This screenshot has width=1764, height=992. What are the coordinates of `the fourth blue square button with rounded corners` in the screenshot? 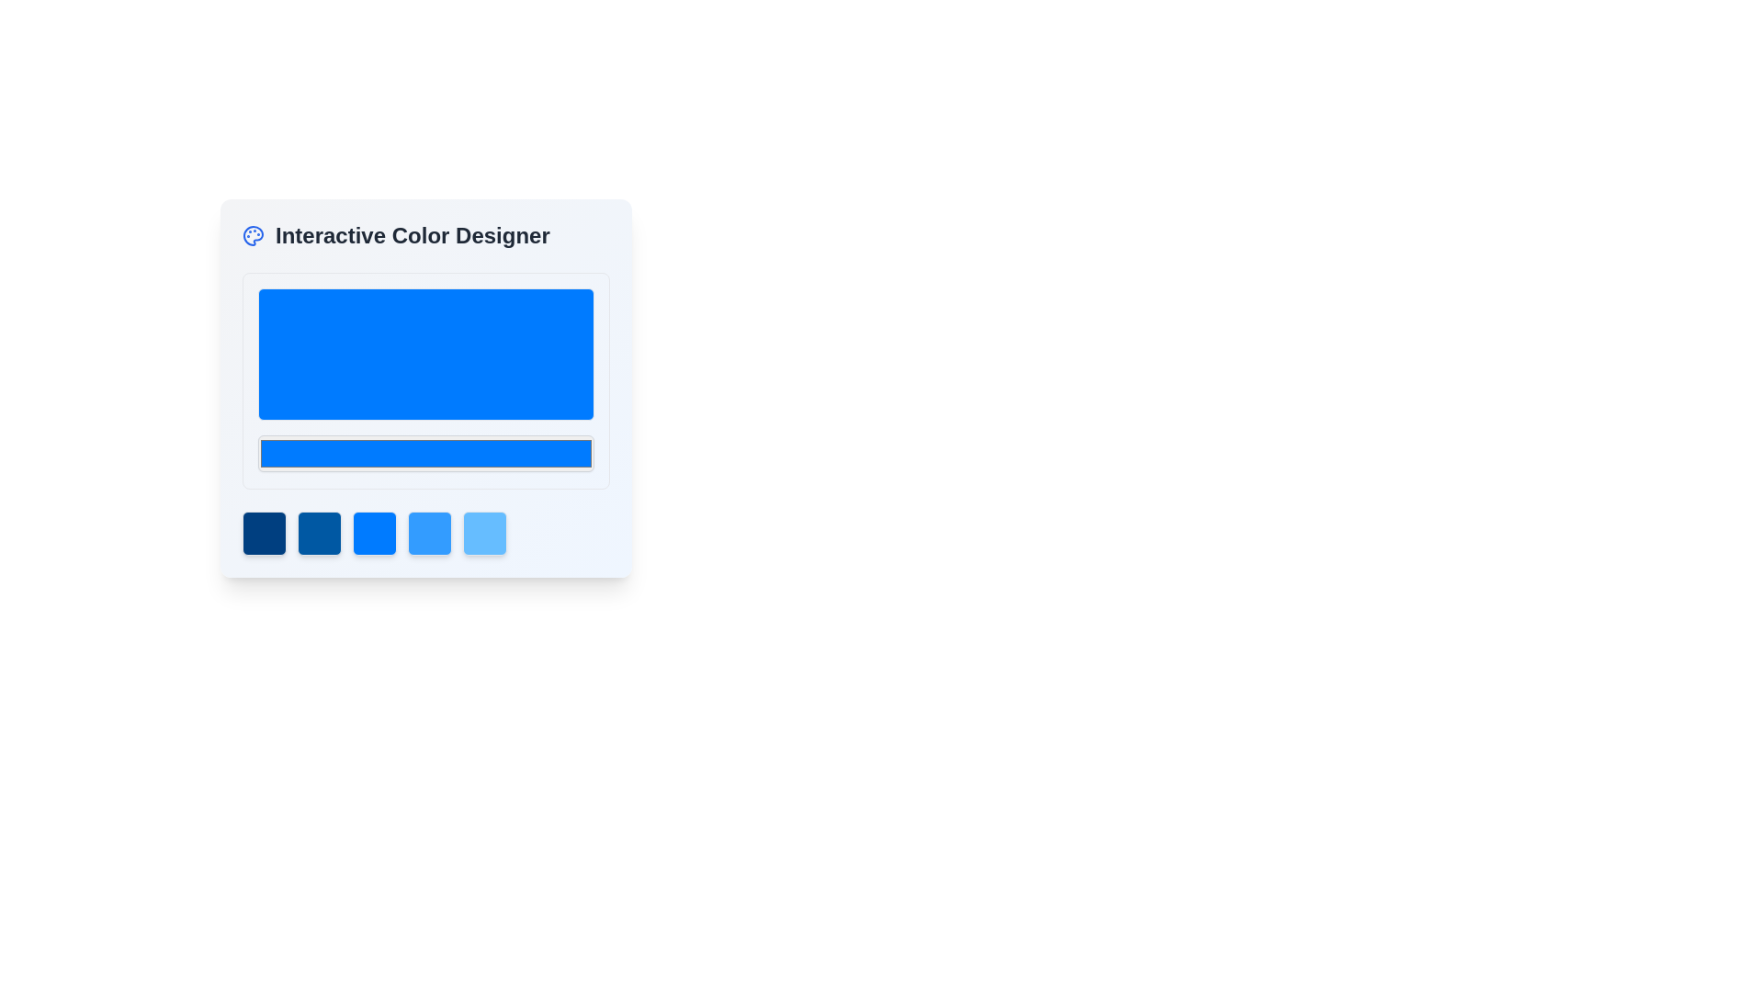 It's located at (428, 534).